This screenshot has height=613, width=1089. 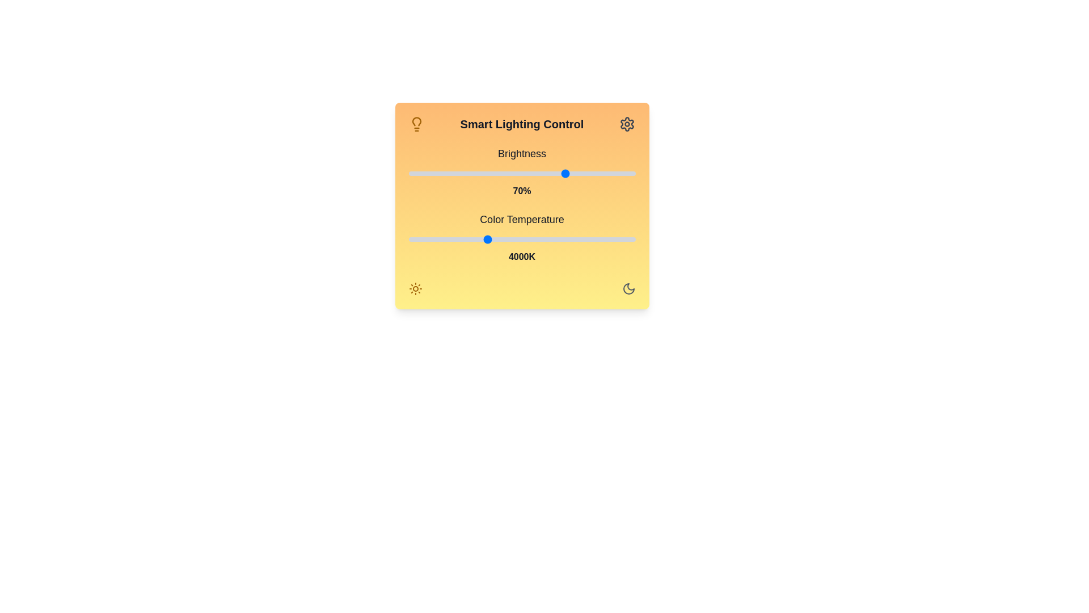 What do you see at coordinates (607, 238) in the screenshot?
I see `the color temperature slider to set the color temperature to 6035 Kelvin` at bounding box center [607, 238].